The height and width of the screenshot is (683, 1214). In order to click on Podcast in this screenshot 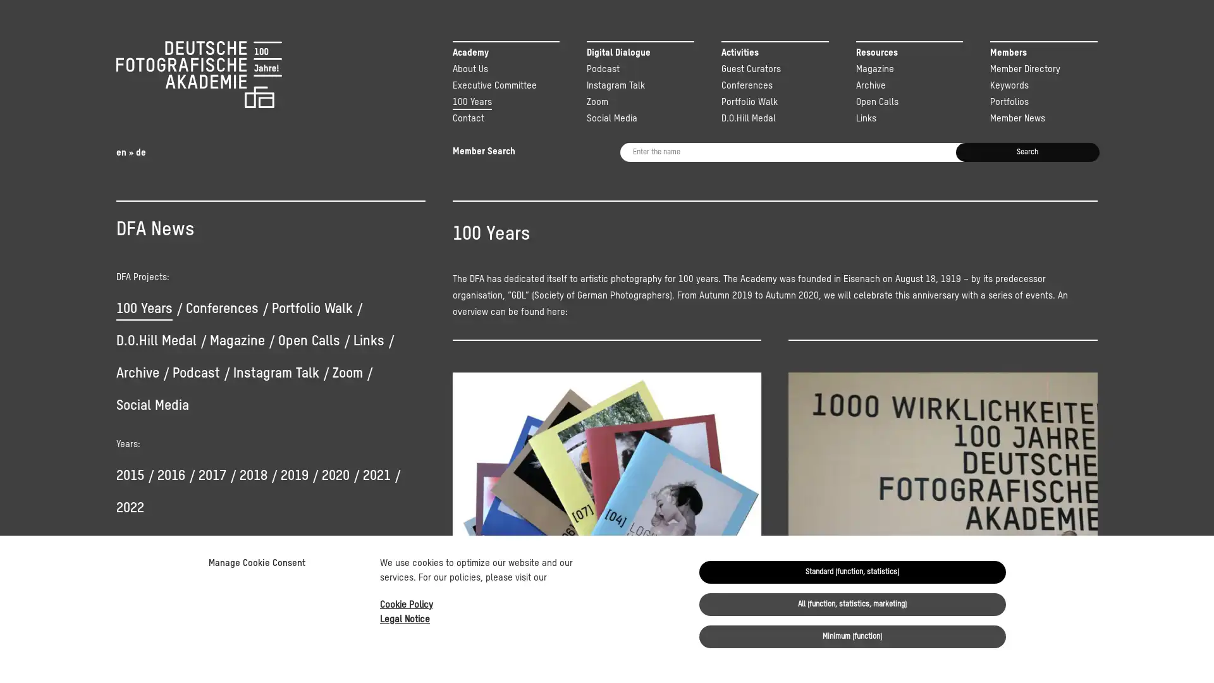, I will do `click(195, 372)`.